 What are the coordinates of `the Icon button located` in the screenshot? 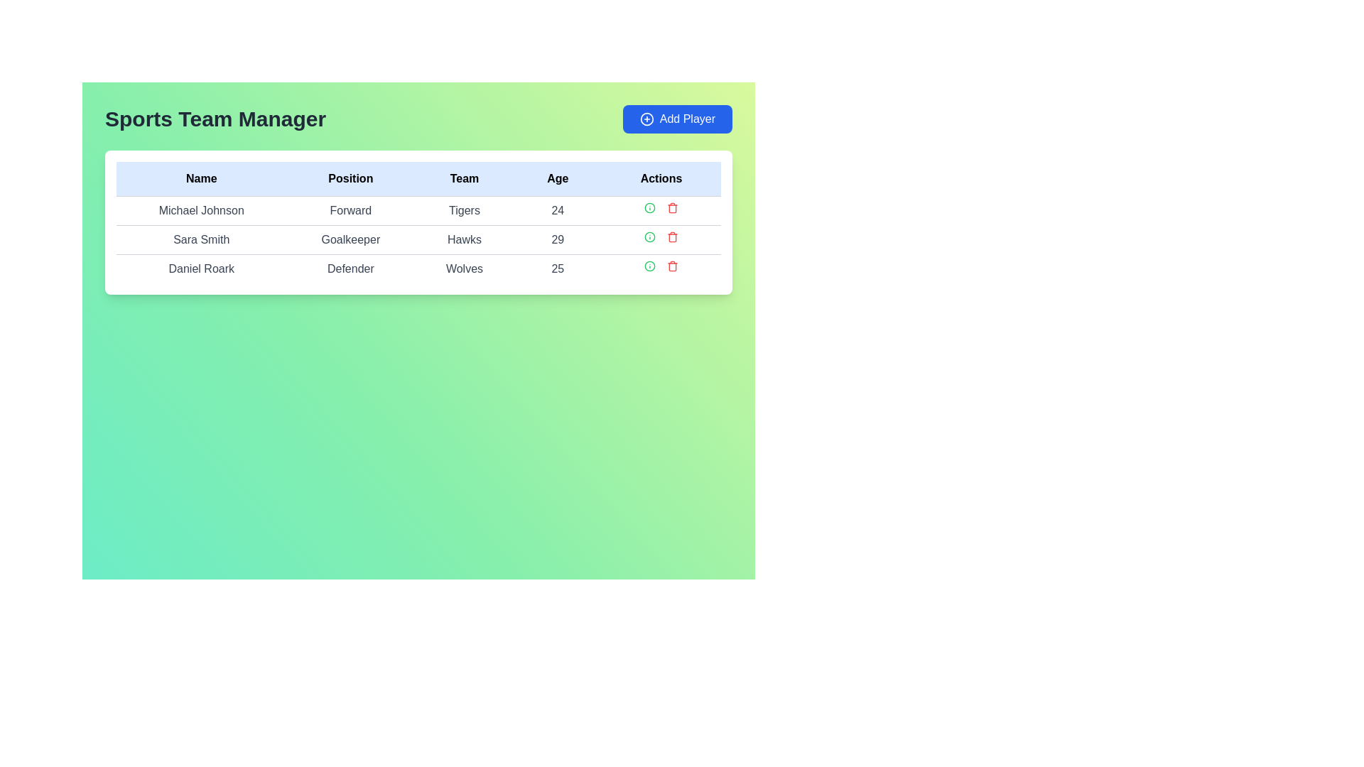 It's located at (649, 236).